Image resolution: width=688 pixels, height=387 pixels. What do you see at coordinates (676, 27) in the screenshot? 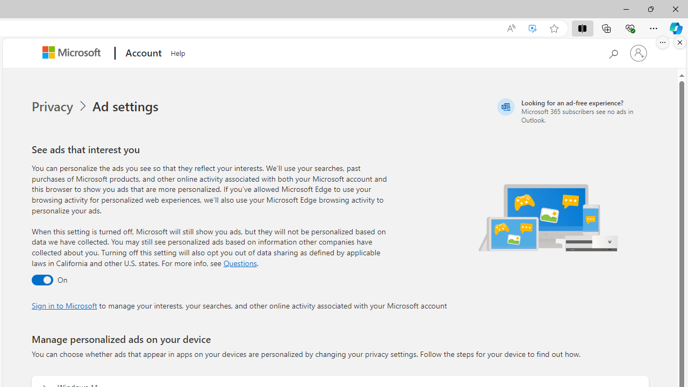
I see `'Copilot (Ctrl+Shift+.)'` at bounding box center [676, 27].